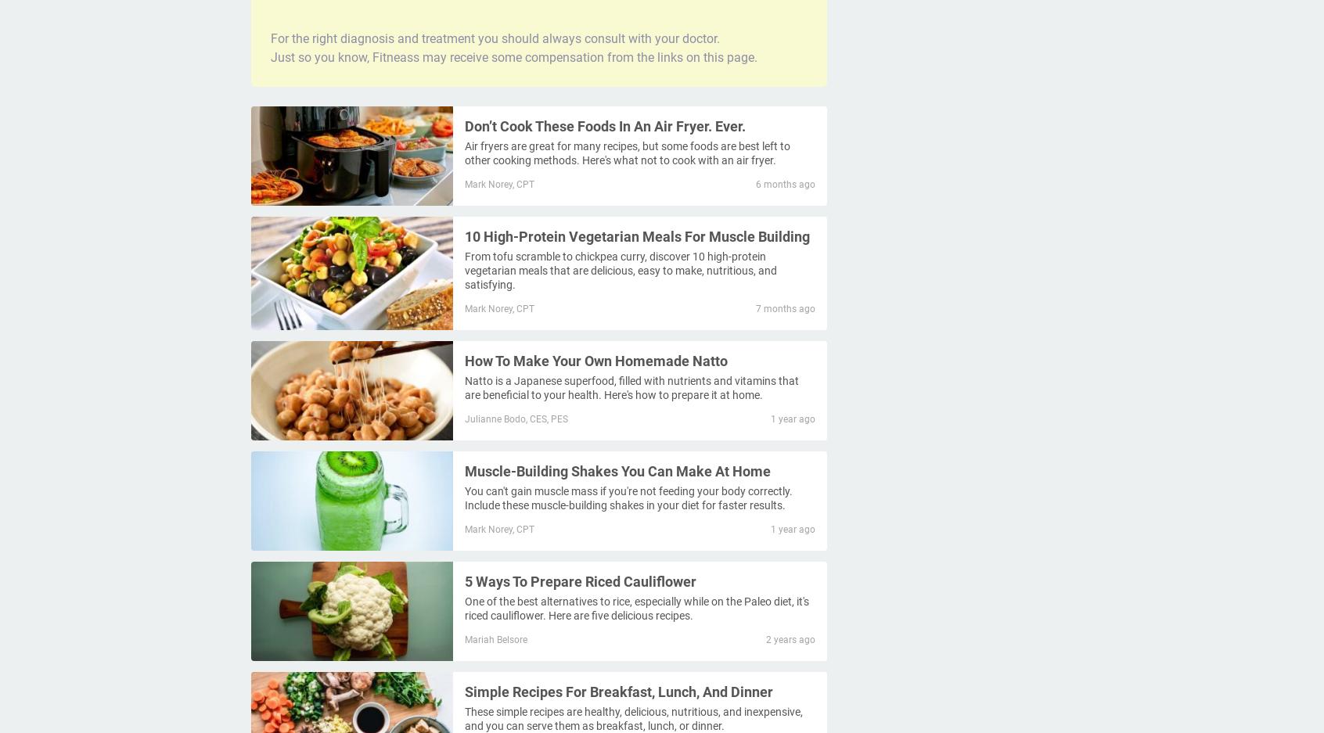 The width and height of the screenshot is (1324, 733). I want to click on 'How To Make Your Own Homemade Natto', so click(595, 359).